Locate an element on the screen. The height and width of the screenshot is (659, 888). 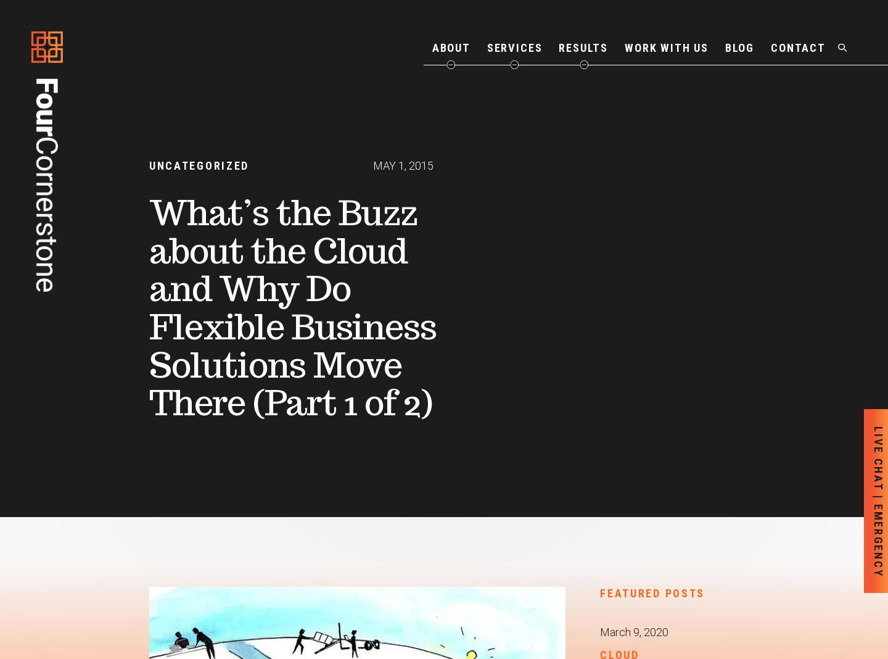
'Work With Us' is located at coordinates (624, 46).